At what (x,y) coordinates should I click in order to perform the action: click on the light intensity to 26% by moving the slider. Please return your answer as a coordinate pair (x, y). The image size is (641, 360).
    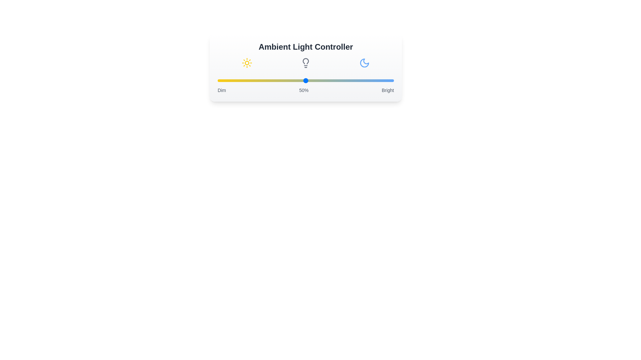
    Looking at the image, I should click on (263, 80).